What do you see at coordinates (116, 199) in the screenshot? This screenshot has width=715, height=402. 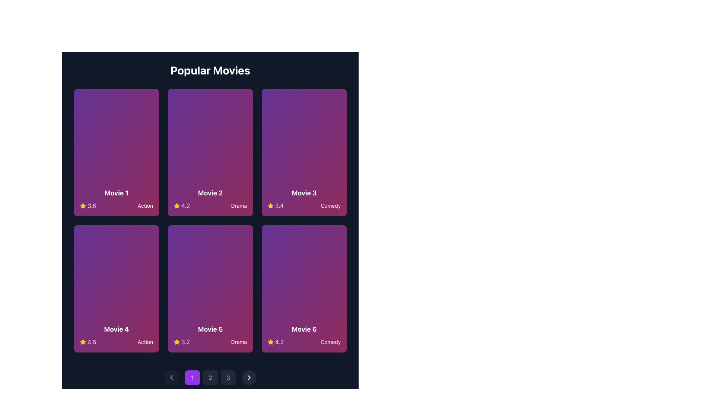 I see `the movie information card located in the bottom portion of the first card in the grid layout, which includes details such as title, rating, and genre` at bounding box center [116, 199].